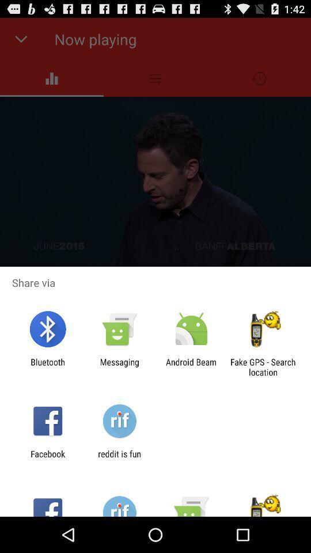  Describe the element at coordinates (119, 366) in the screenshot. I see `icon to the right of bluetooth item` at that location.